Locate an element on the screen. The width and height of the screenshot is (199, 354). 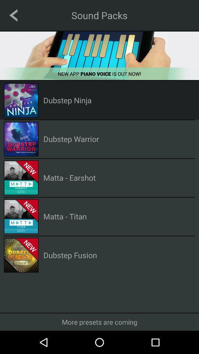
the arrow_backward icon is located at coordinates (13, 15).